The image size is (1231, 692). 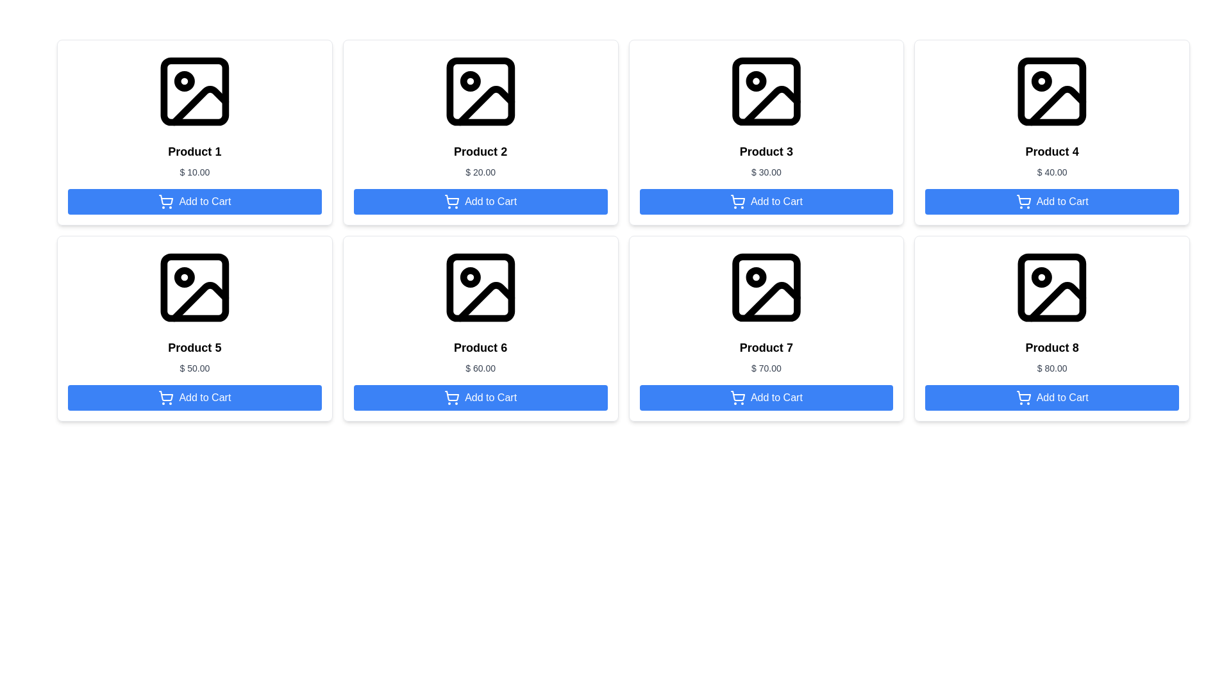 I want to click on the 'Add to Cart' button located at the bottom section of the 'Product 3' card, so click(x=766, y=202).